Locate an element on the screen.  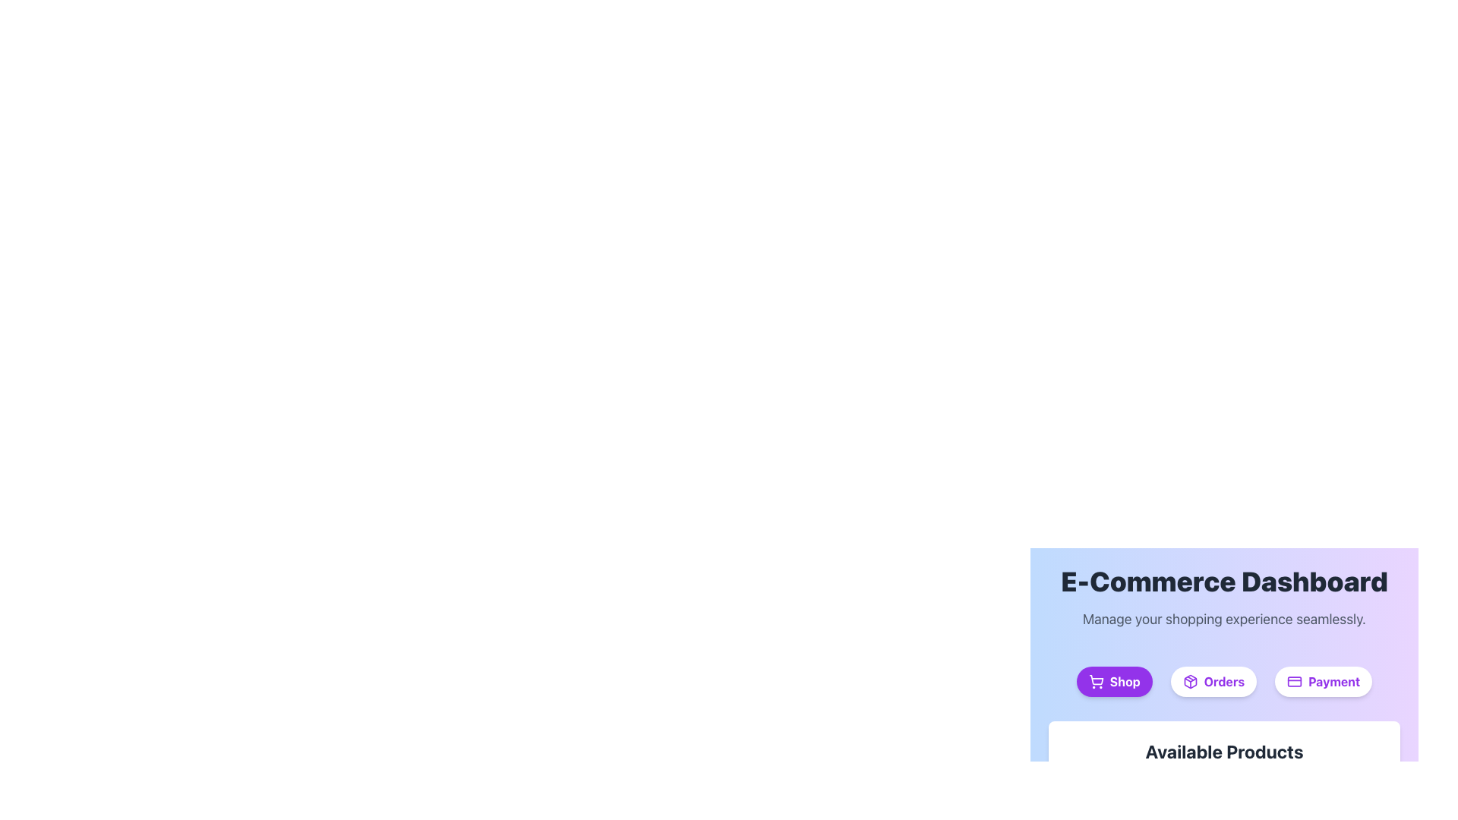
informational text block titled 'Available Products' which provides details on functionality below the 'E-Commerce Dashboard' is located at coordinates (1224, 767).